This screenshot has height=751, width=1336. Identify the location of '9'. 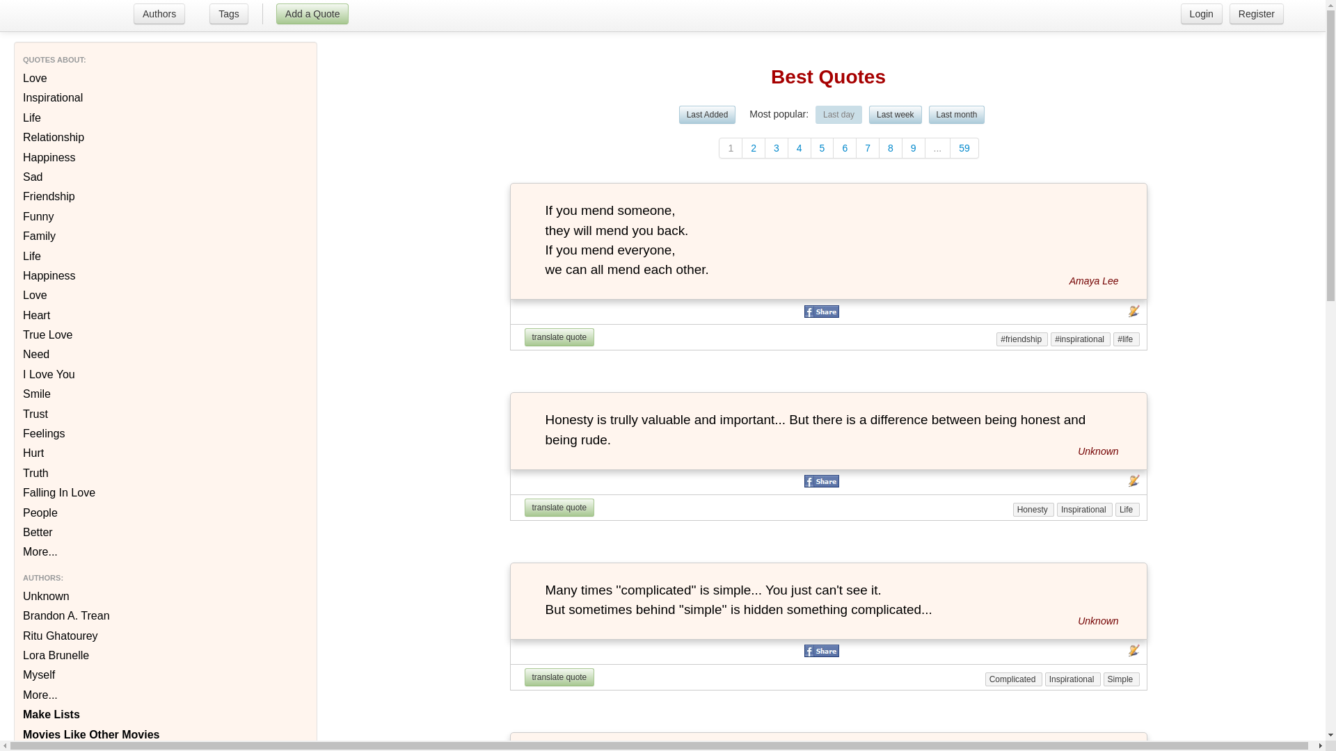
(914, 147).